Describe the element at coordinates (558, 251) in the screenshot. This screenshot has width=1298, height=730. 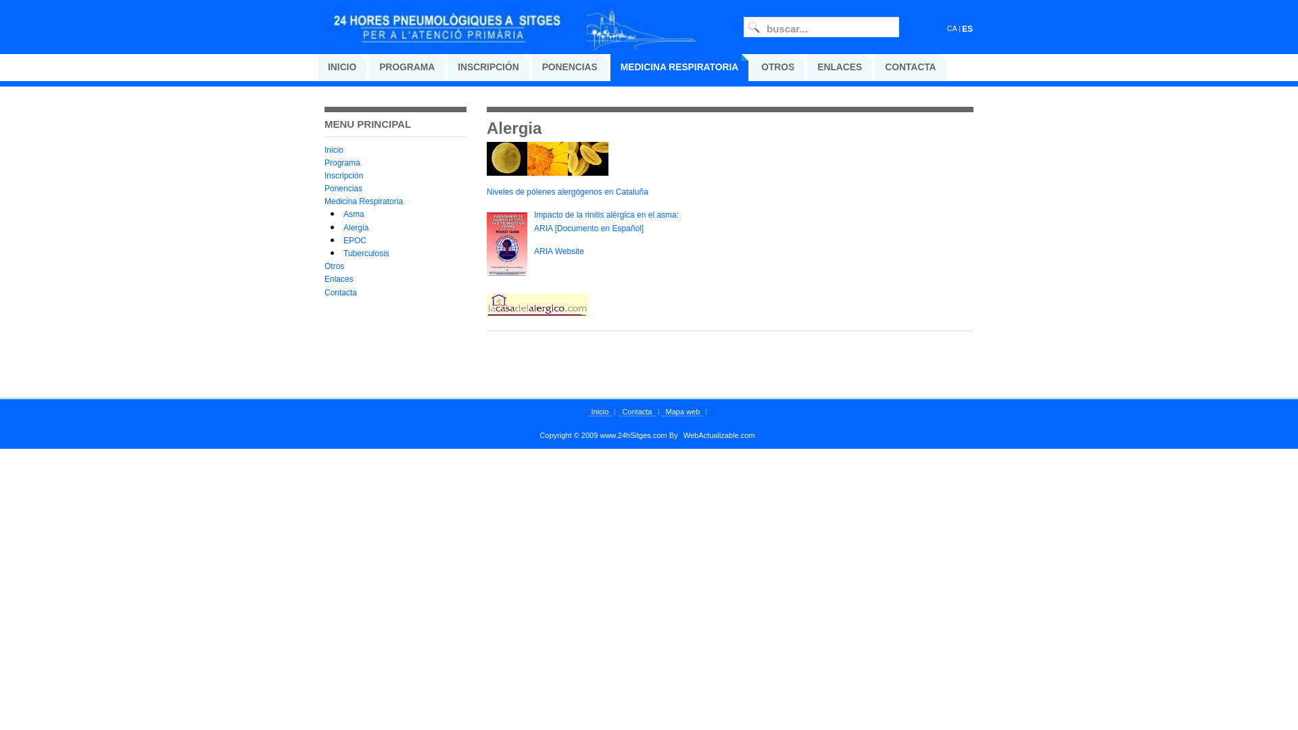
I see `'ARIA Website'` at that location.